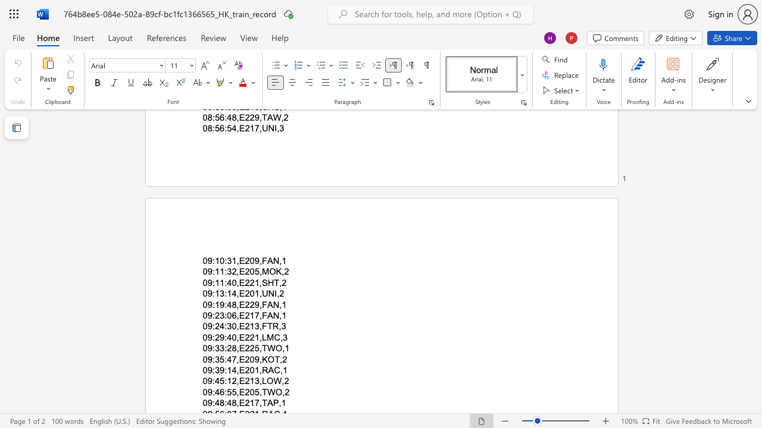 The width and height of the screenshot is (762, 428). What do you see at coordinates (238, 294) in the screenshot?
I see `the subset text "E2" within the text "09:13:14,E201,UNI,2"` at bounding box center [238, 294].